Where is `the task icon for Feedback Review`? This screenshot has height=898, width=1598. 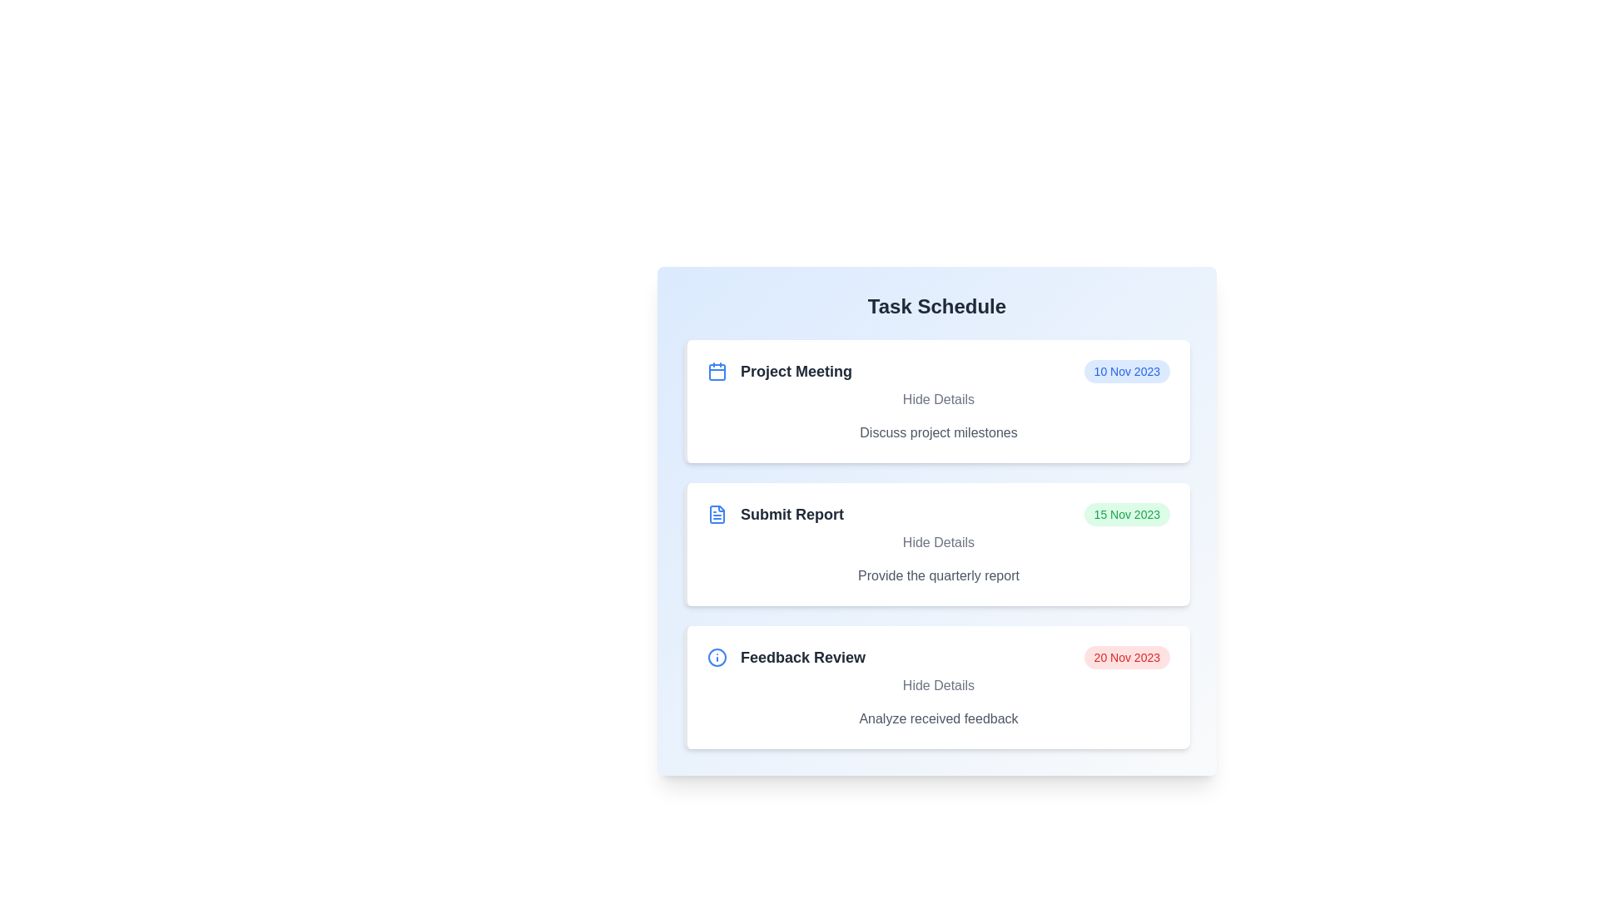 the task icon for Feedback Review is located at coordinates (717, 656).